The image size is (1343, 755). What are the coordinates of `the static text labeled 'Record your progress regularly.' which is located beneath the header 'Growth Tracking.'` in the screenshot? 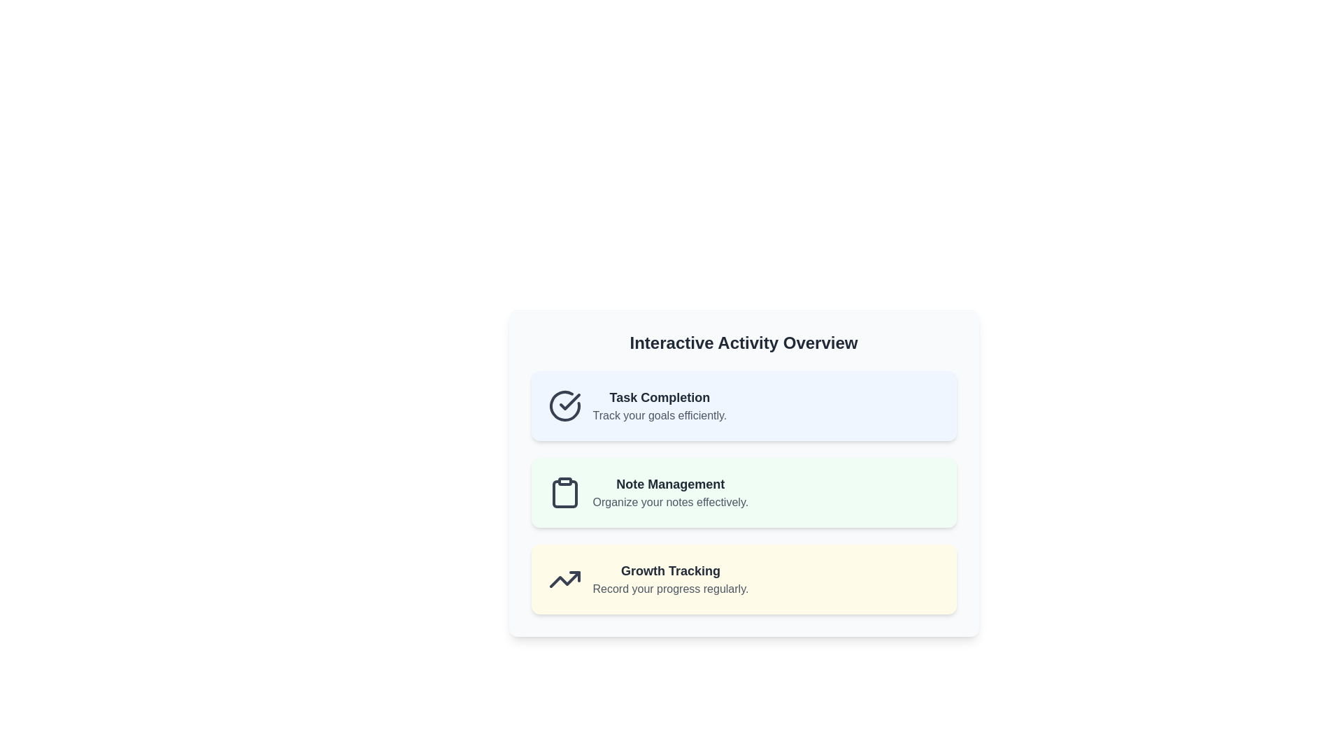 It's located at (670, 589).